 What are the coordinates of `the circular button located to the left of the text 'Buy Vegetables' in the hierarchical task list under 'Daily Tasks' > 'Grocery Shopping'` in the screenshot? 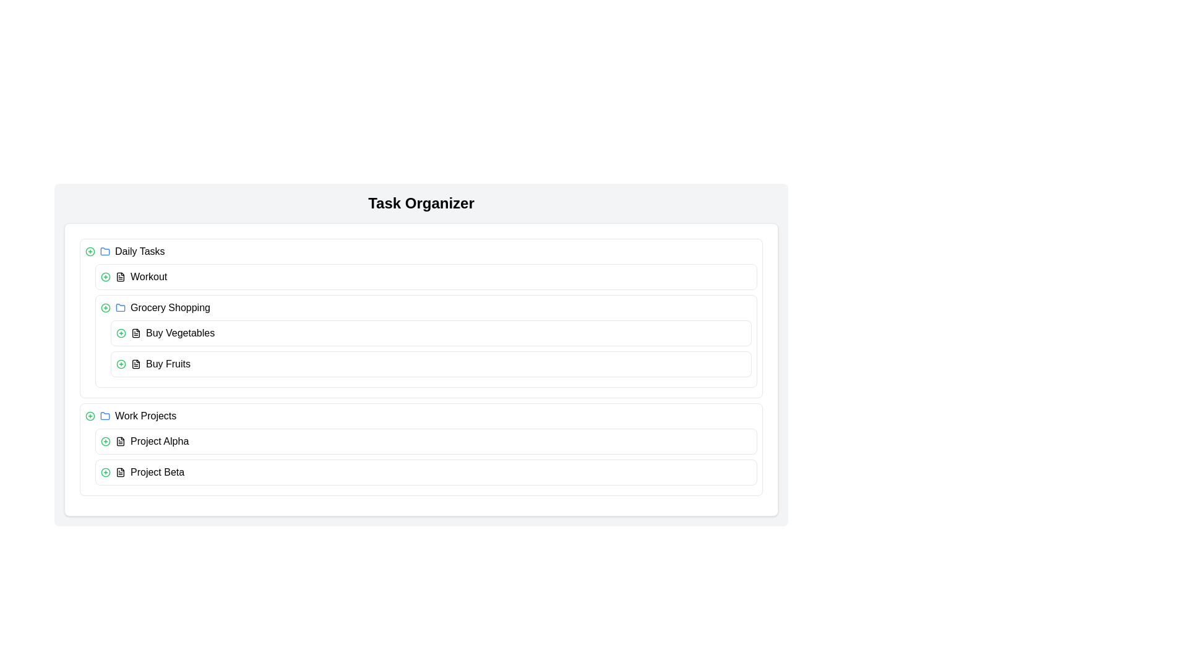 It's located at (121, 333).